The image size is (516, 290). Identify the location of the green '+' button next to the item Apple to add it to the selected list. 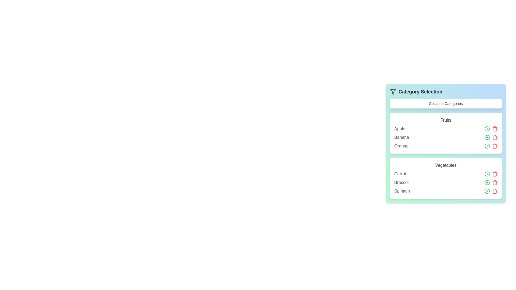
(487, 129).